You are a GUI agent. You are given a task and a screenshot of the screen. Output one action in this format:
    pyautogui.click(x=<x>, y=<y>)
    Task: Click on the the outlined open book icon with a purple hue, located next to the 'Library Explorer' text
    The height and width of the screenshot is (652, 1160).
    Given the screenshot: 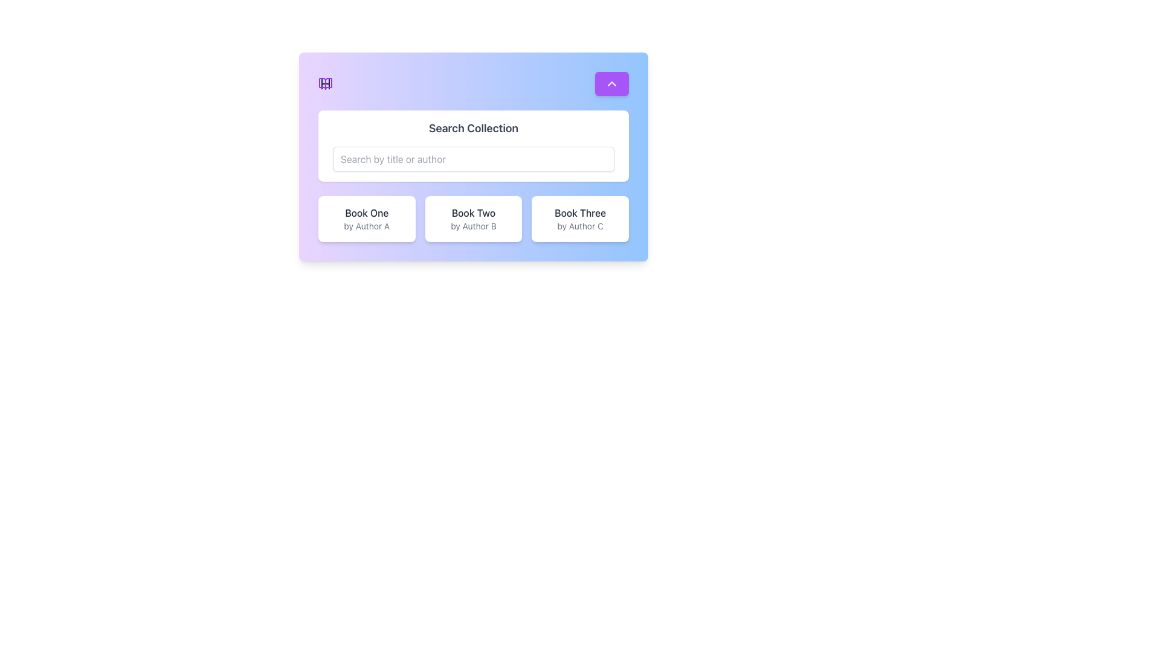 What is the action you would take?
    pyautogui.click(x=325, y=83)
    